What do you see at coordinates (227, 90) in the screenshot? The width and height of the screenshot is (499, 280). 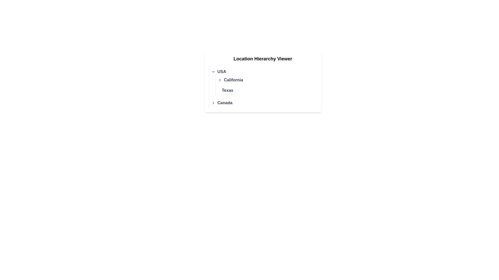 I see `the text label representing the state 'Texas', which is positioned below 'California' in the hierarchical geographical categorization within the USA section` at bounding box center [227, 90].